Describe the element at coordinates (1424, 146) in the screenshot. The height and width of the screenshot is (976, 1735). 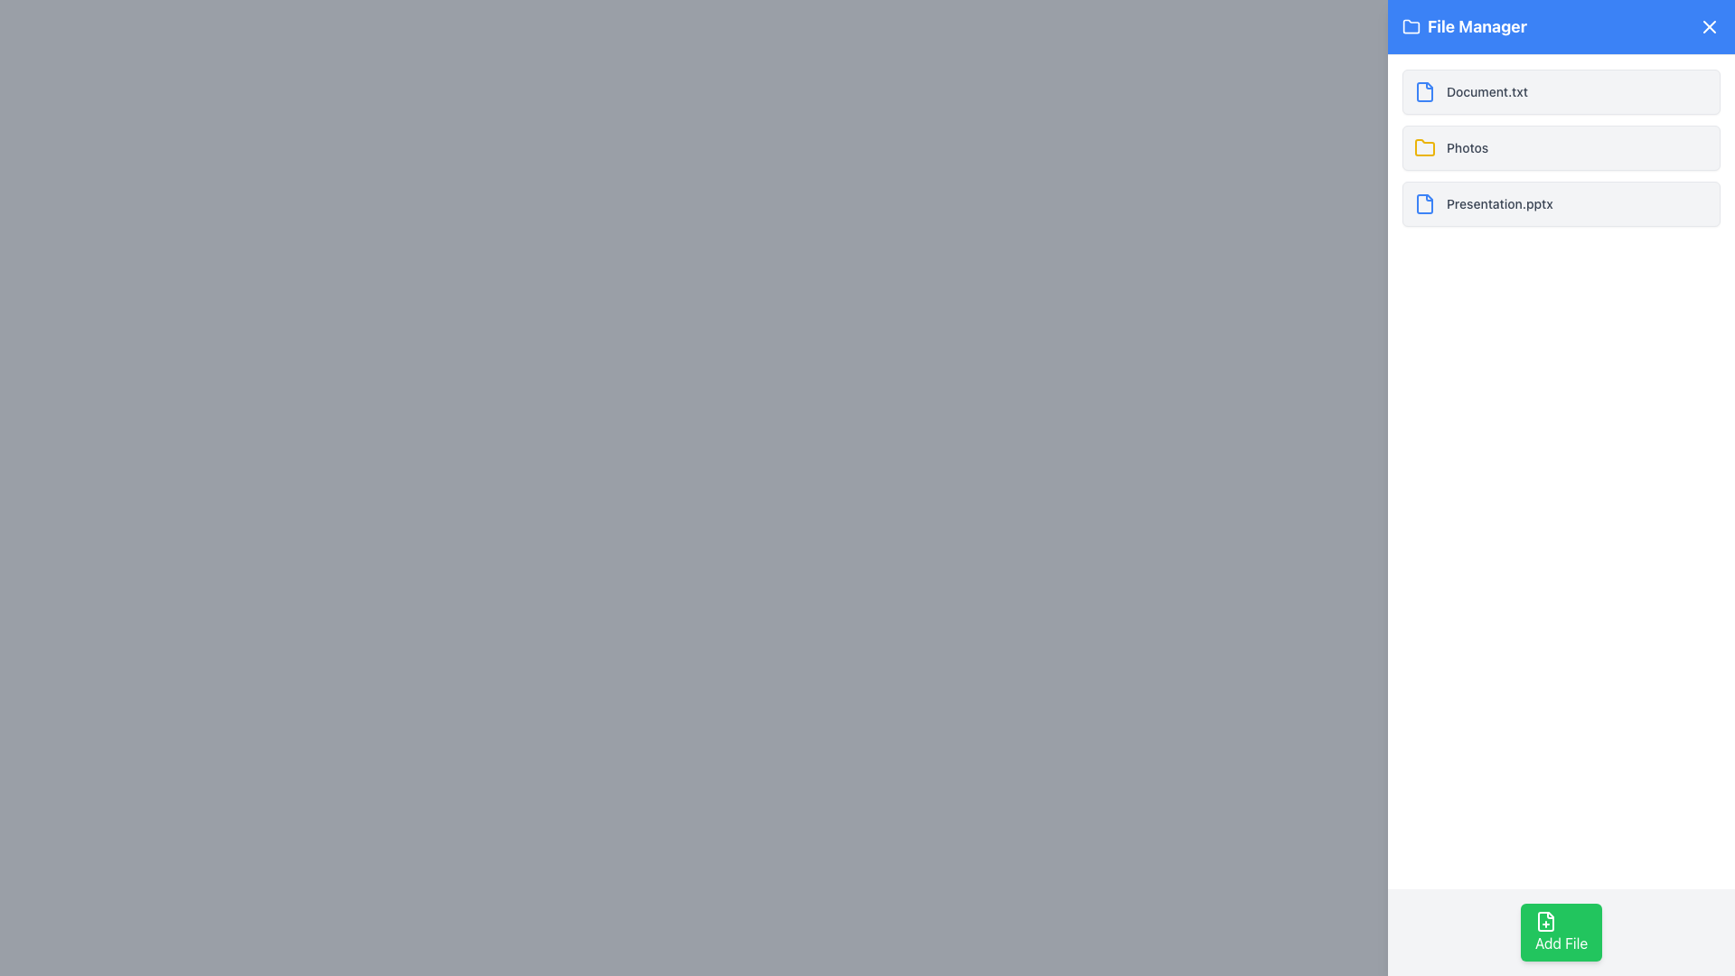
I see `the folder icon representing the 'Photos' label located in the second row of the file manager list` at that location.